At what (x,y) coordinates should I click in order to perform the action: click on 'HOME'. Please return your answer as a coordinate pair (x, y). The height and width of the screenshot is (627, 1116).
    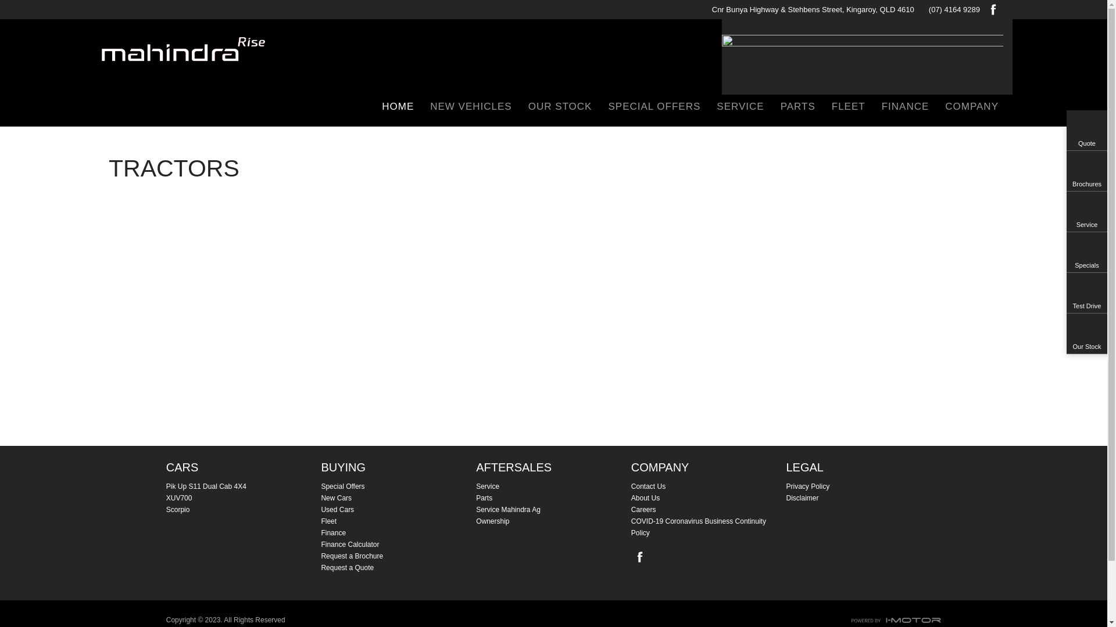
    Looking at the image, I should click on (398, 107).